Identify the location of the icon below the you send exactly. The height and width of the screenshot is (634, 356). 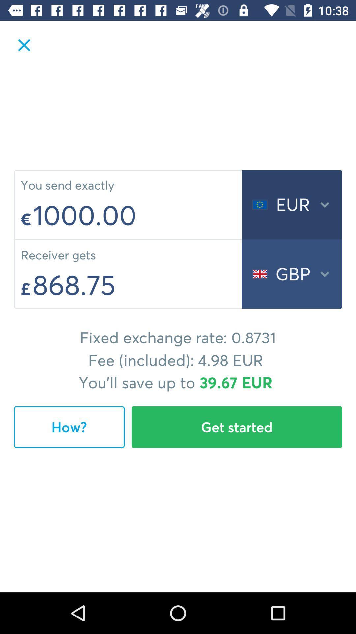
(135, 215).